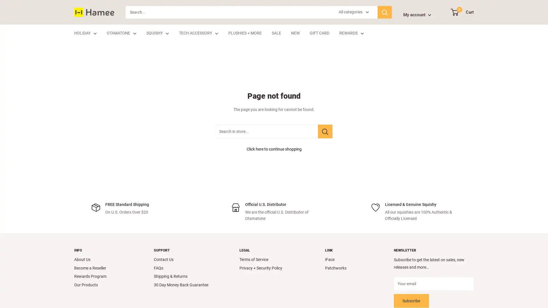  I want to click on SUPPORT, so click(186, 250).